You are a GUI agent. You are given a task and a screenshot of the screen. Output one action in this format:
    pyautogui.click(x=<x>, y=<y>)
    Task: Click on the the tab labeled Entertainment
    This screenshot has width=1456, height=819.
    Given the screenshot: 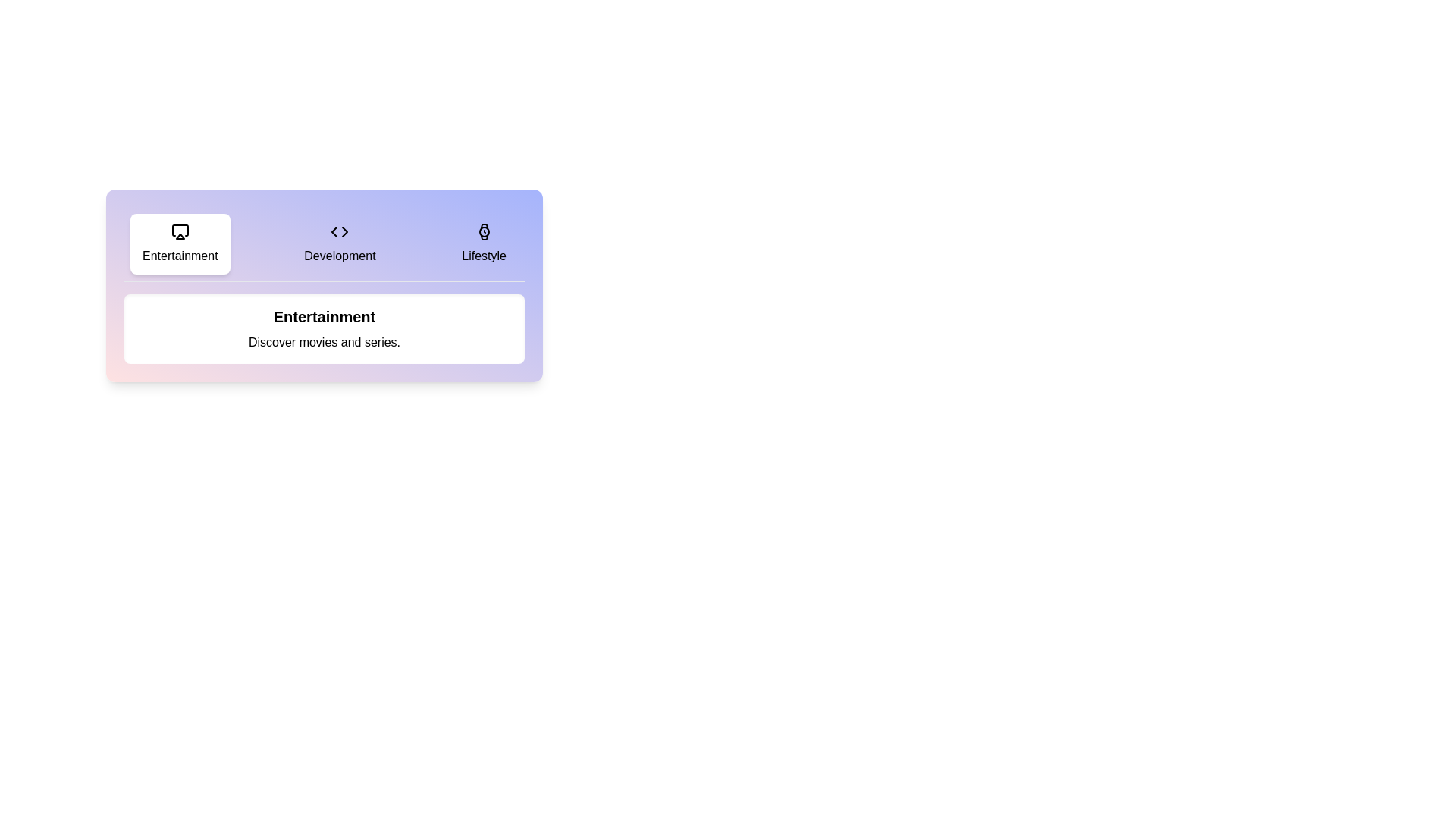 What is the action you would take?
    pyautogui.click(x=180, y=243)
    